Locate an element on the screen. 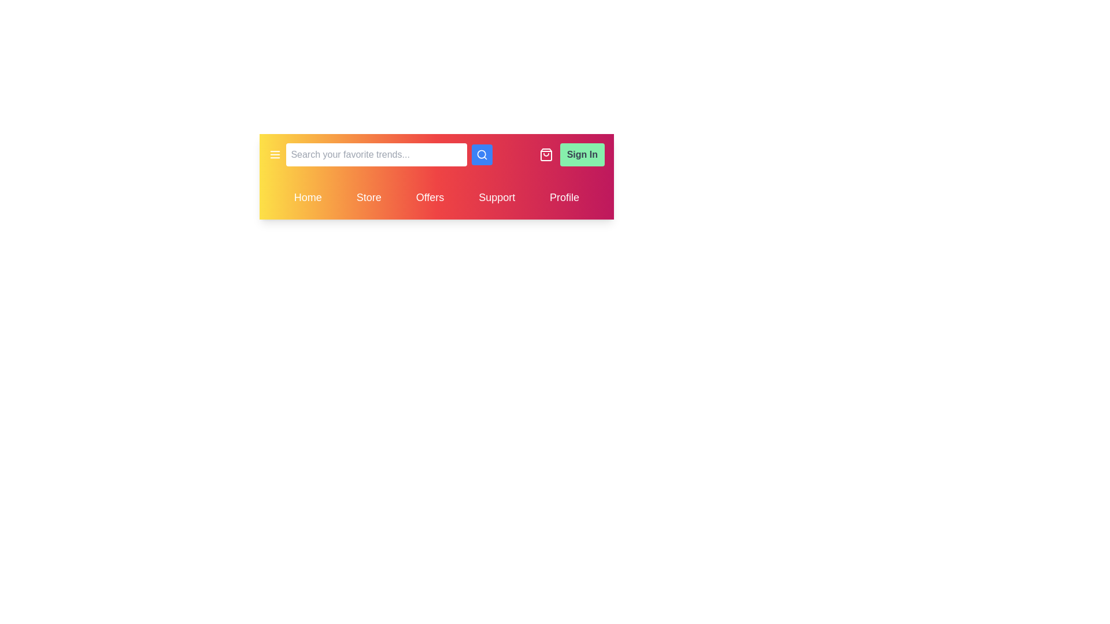 Image resolution: width=1110 pixels, height=624 pixels. the 'Sign In' button is located at coordinates (582, 154).